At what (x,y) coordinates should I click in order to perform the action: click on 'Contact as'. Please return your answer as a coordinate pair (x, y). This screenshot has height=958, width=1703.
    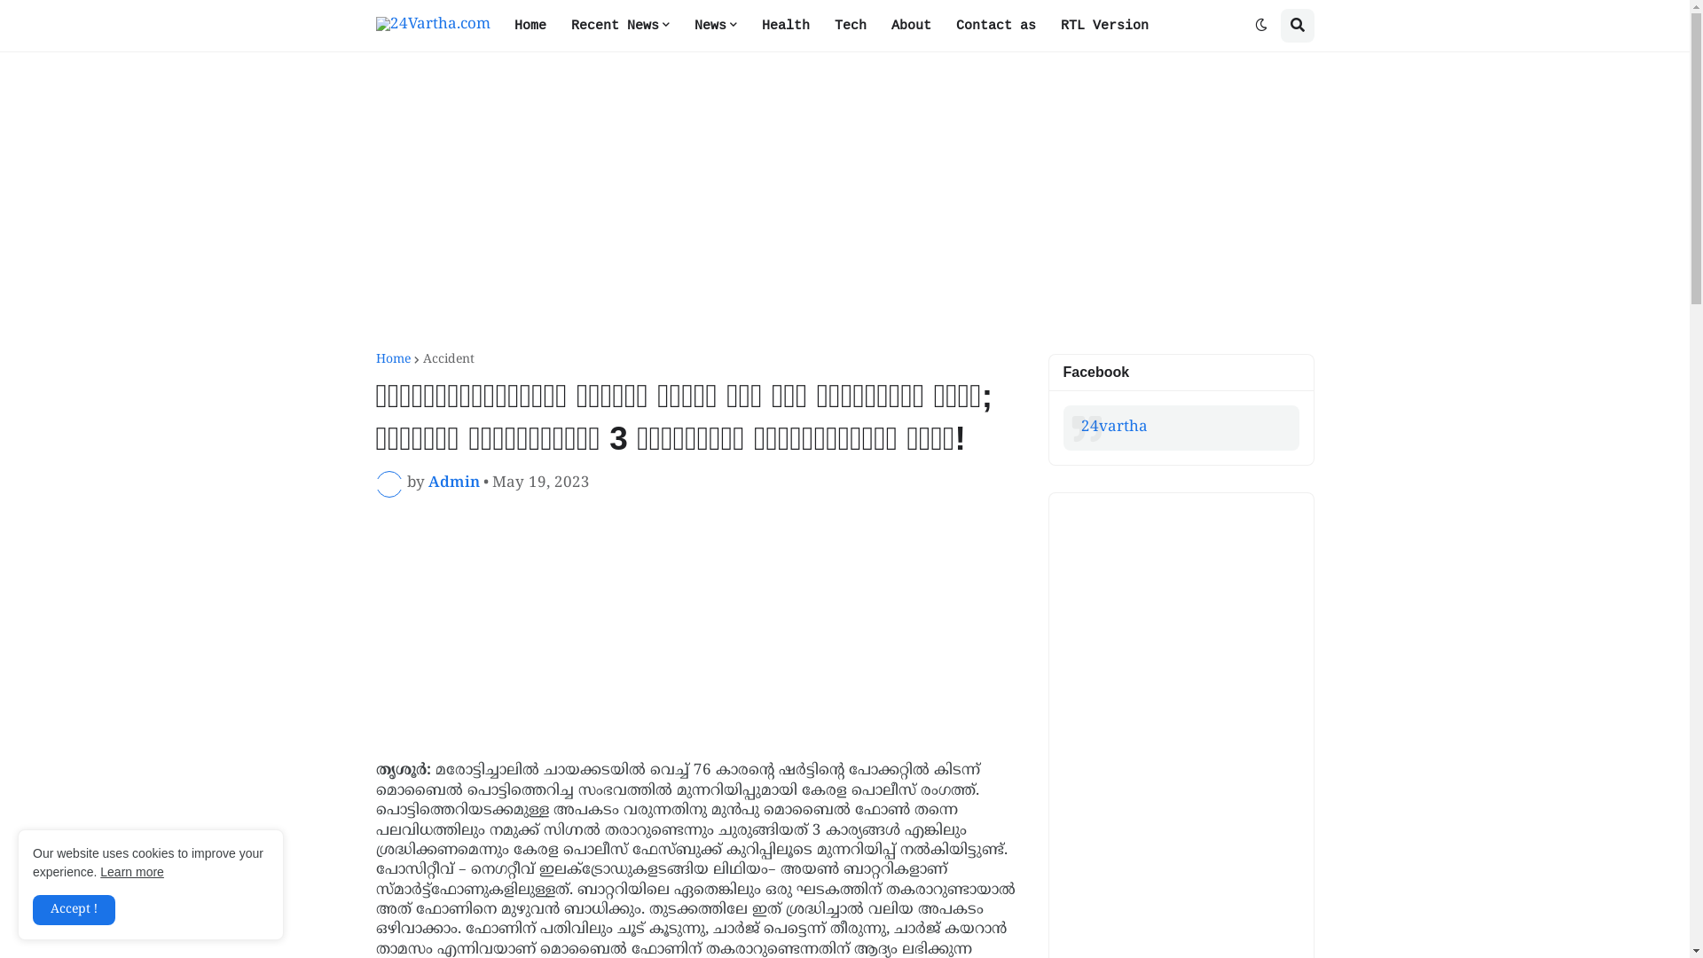
    Looking at the image, I should click on (996, 26).